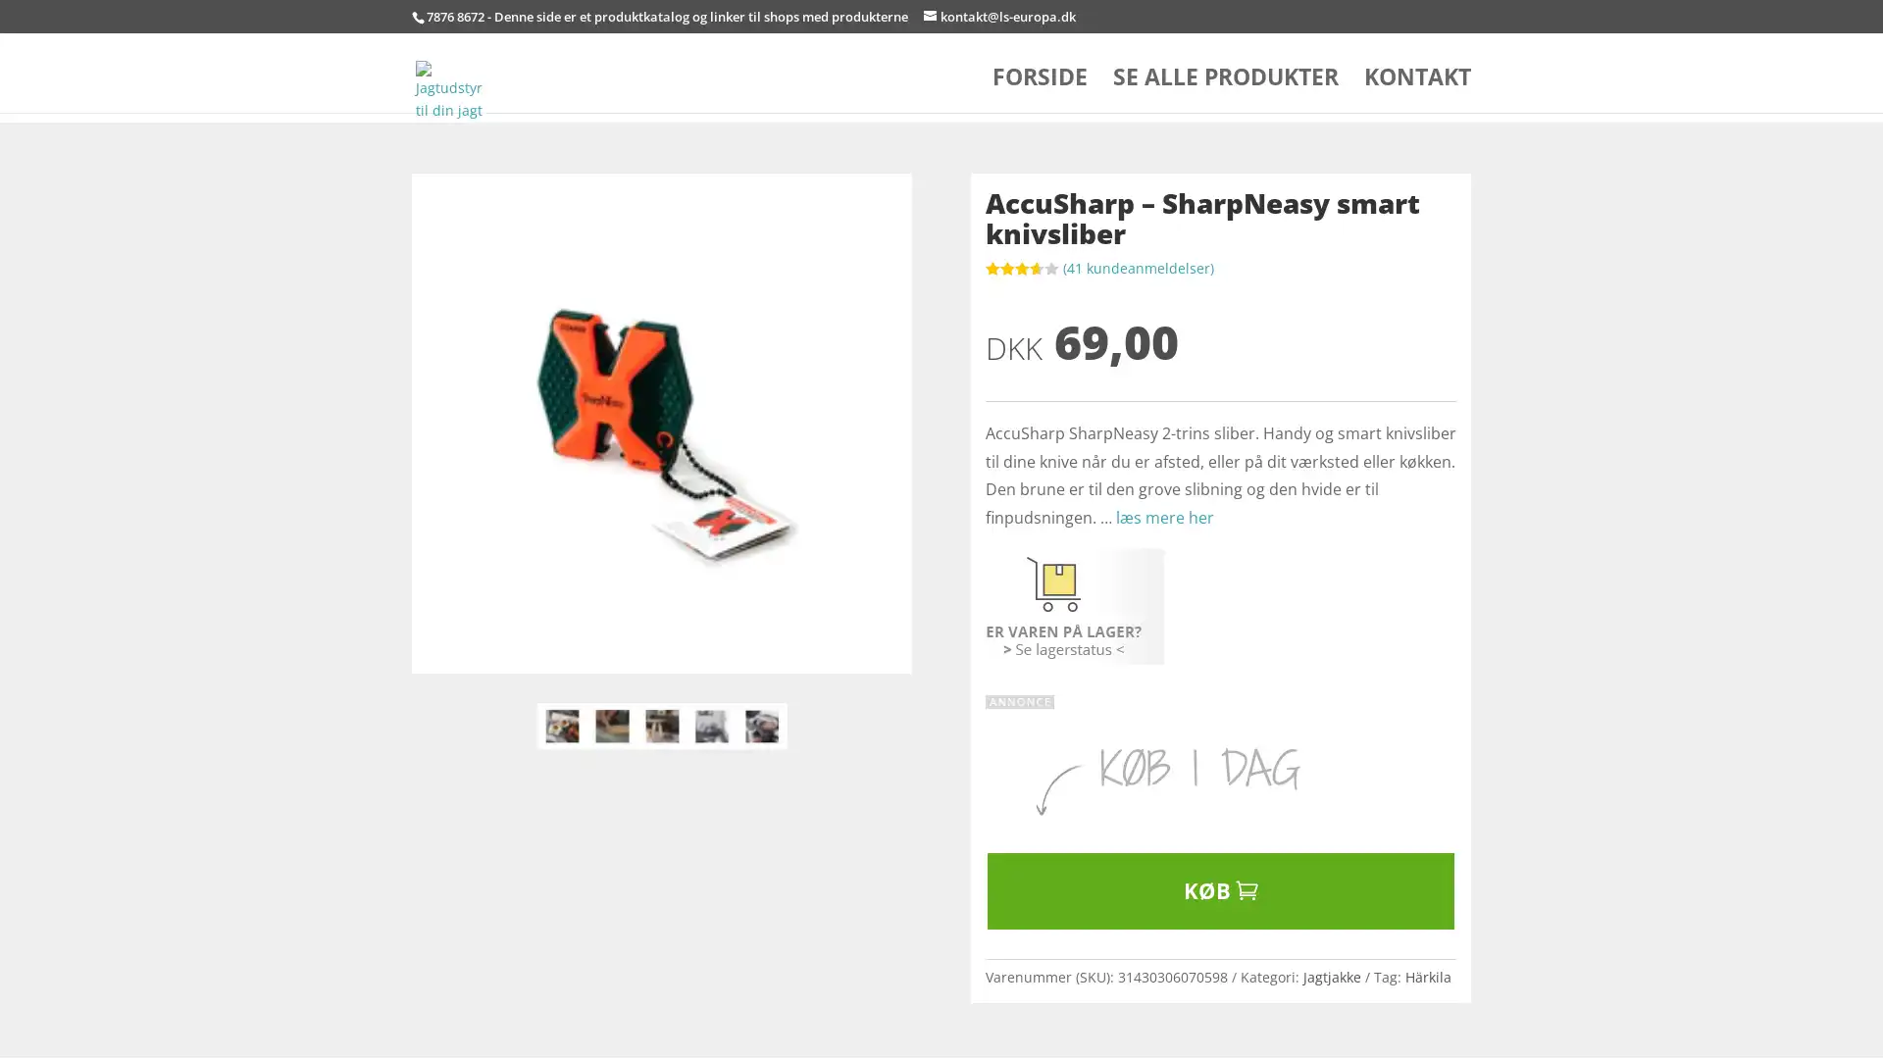 This screenshot has height=1059, width=1883. I want to click on KB, so click(1218, 870).